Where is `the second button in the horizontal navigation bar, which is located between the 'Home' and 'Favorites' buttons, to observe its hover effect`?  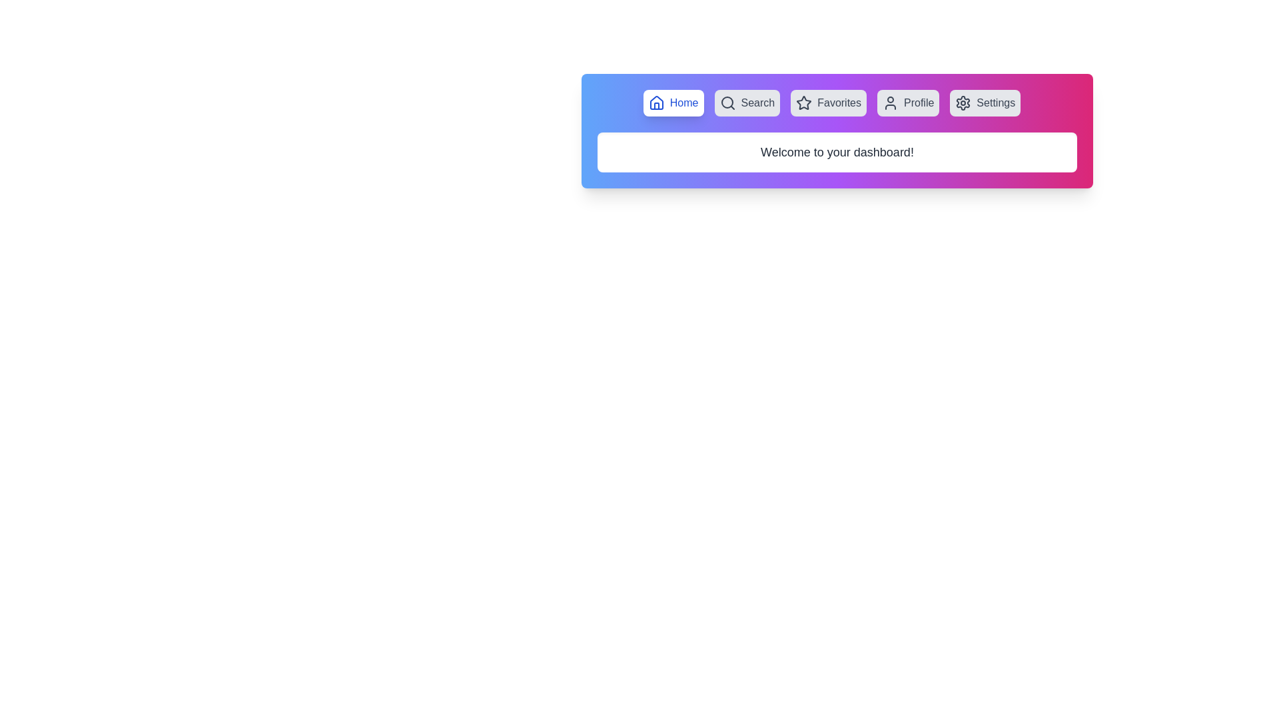 the second button in the horizontal navigation bar, which is located between the 'Home' and 'Favorites' buttons, to observe its hover effect is located at coordinates (747, 102).